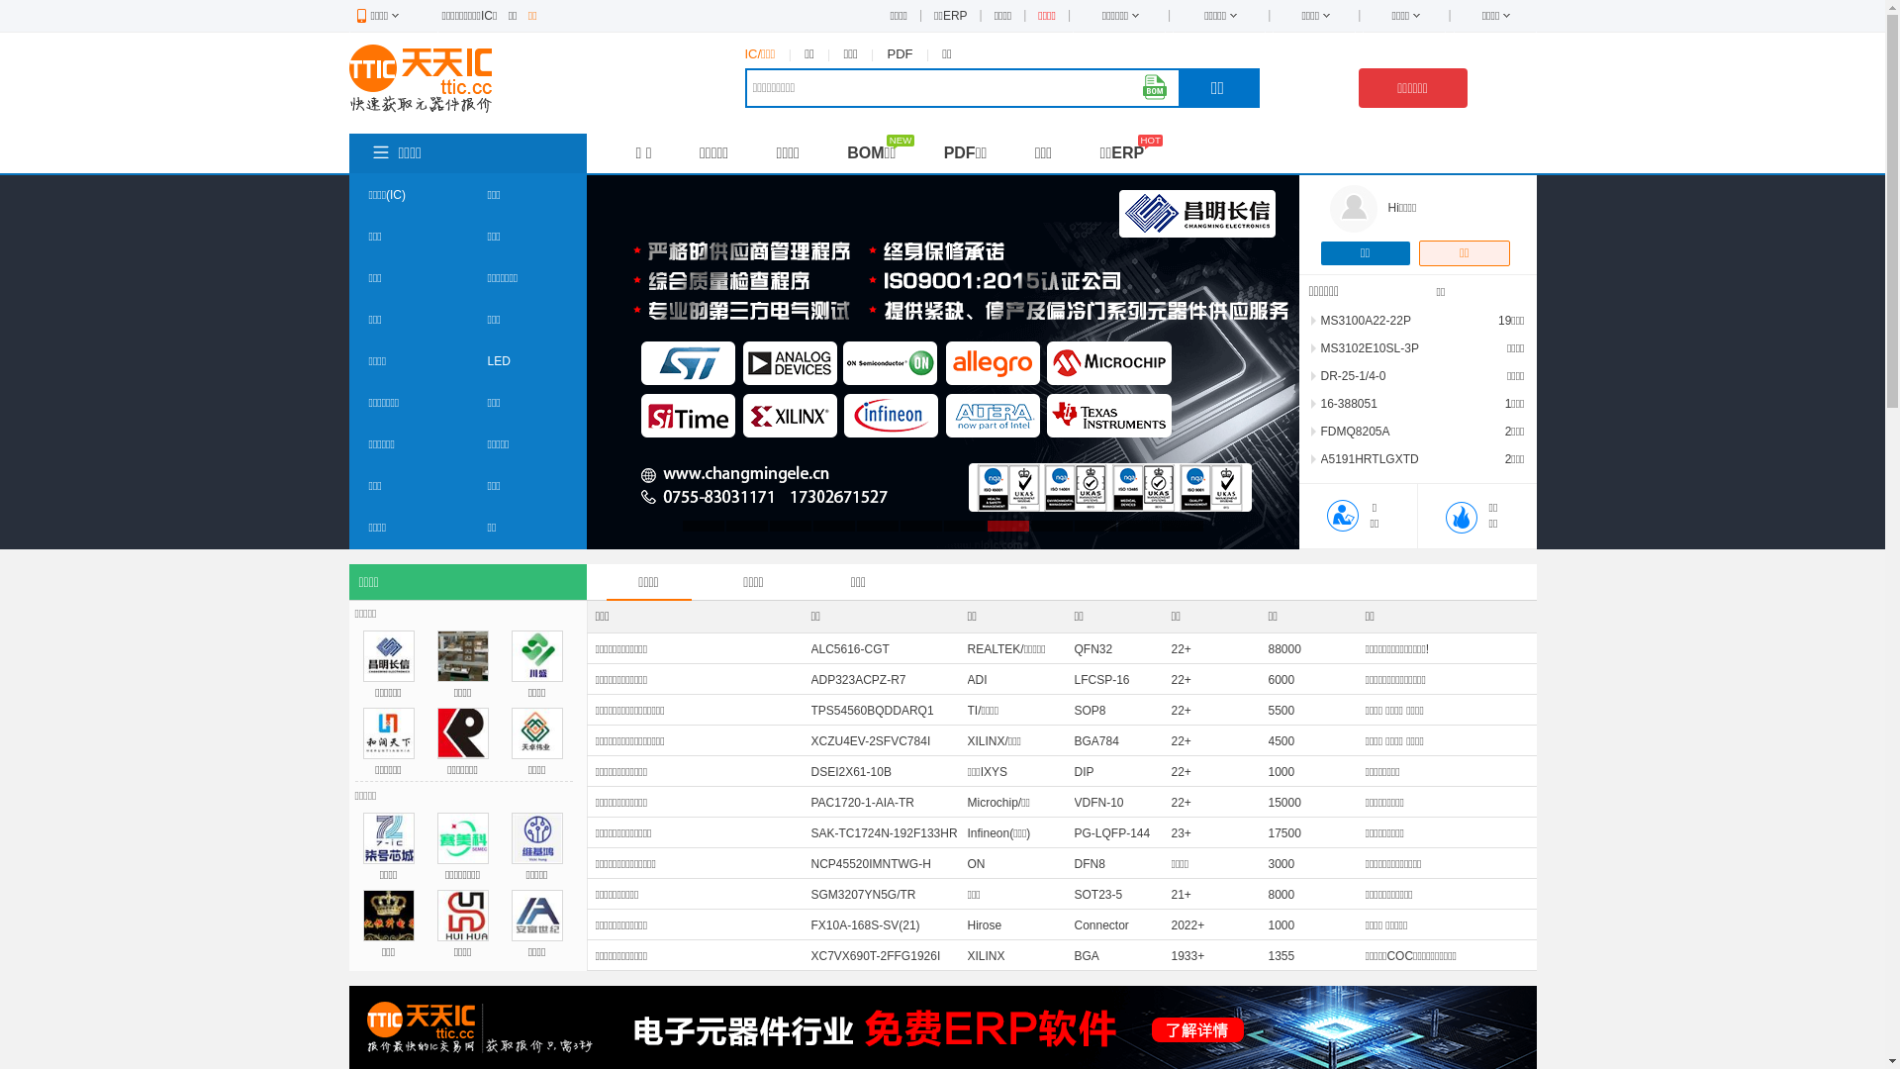  Describe the element at coordinates (1364, 320) in the screenshot. I see `'MS3100A22-22P'` at that location.